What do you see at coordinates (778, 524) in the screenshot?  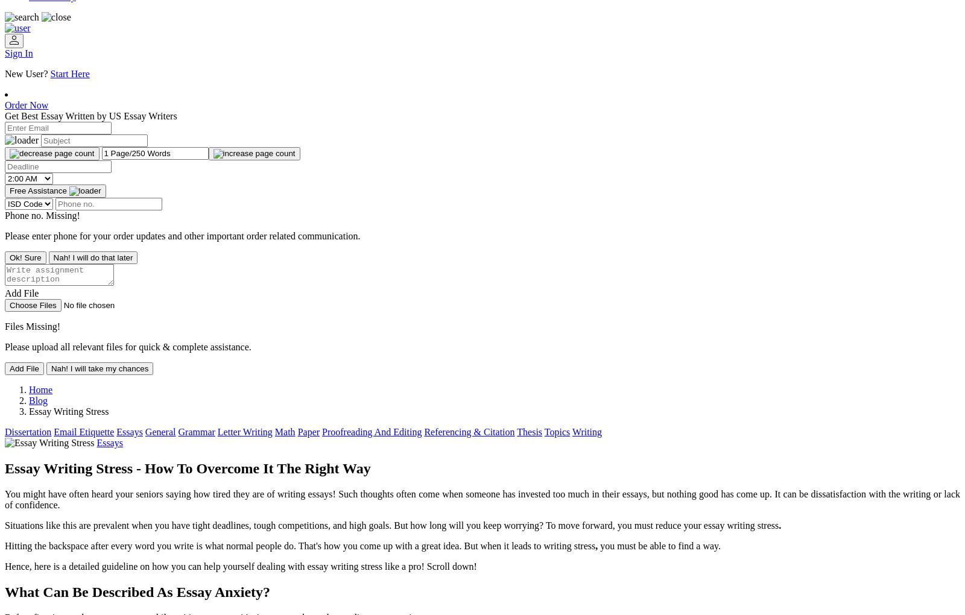 I see `'.'` at bounding box center [778, 524].